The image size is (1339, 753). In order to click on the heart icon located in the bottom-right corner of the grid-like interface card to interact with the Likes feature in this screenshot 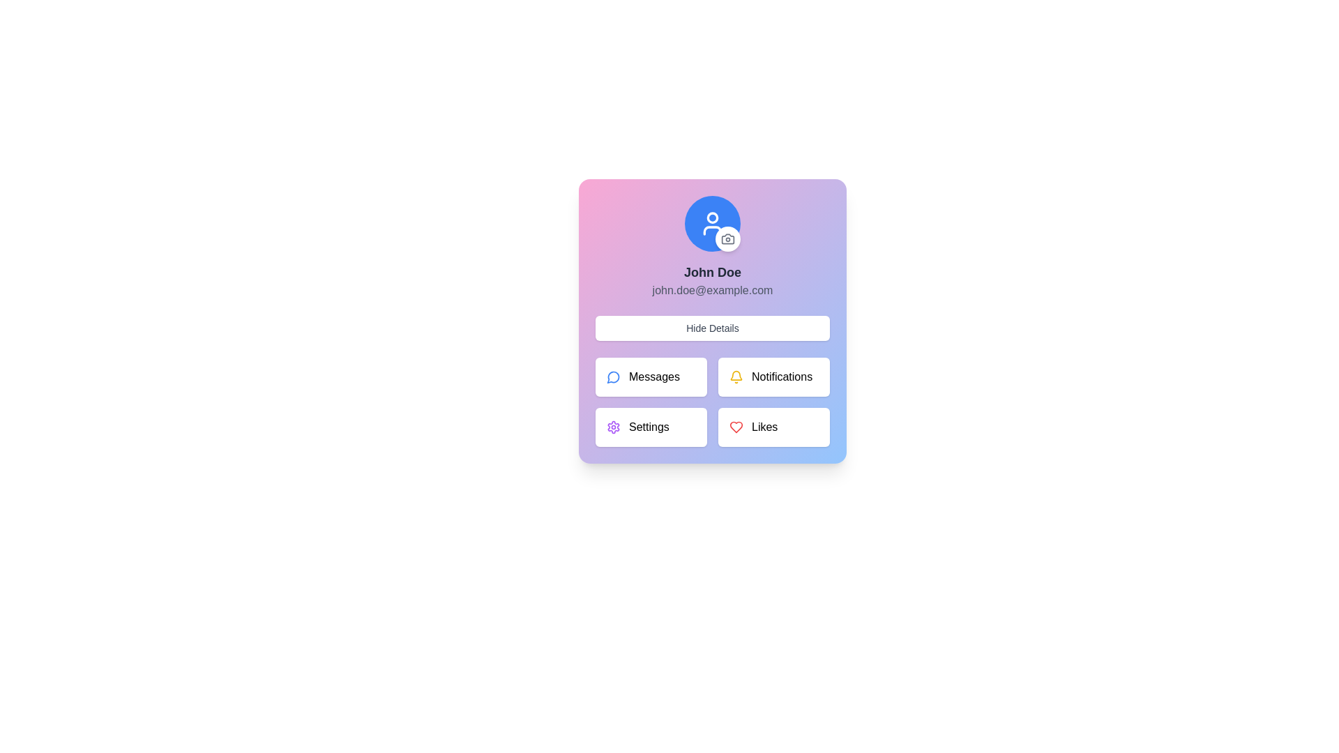, I will do `click(736, 427)`.